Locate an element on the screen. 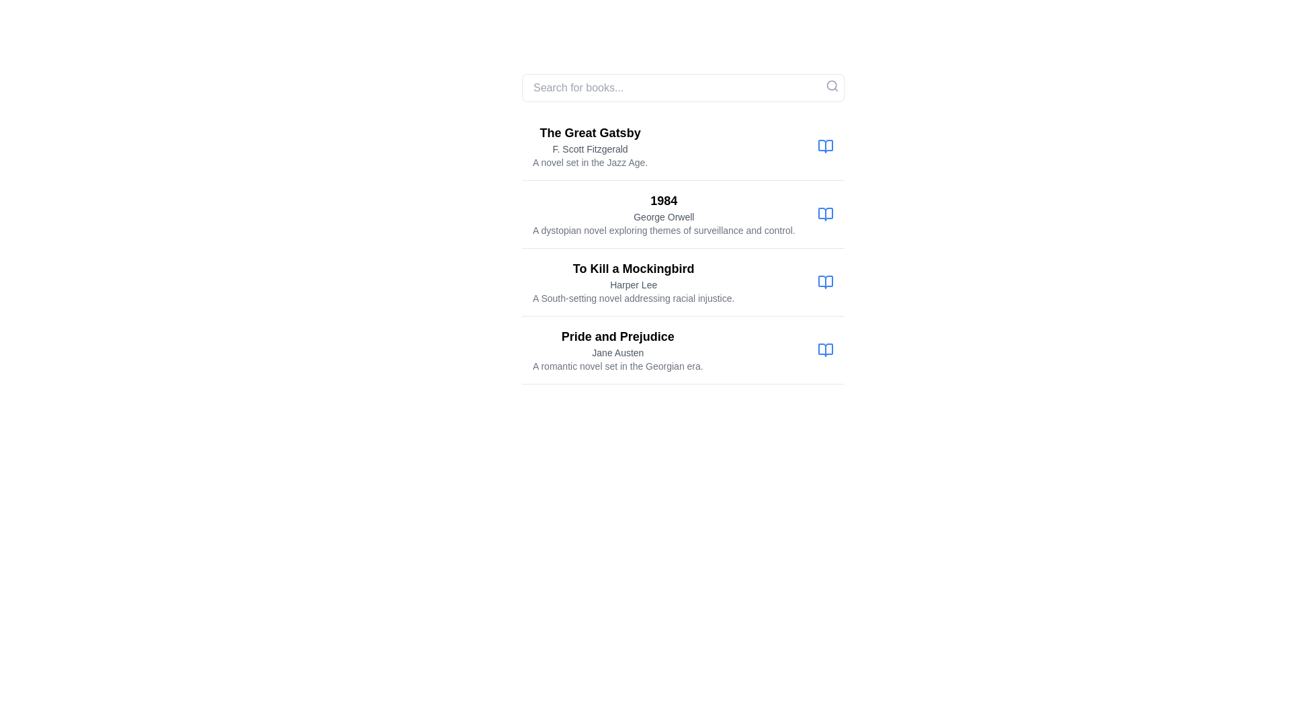  the textual information block displaying 'The Great Gatsby' by 'F. Scott Fitzgerald', which is the first item in a vertically stacked list of literary works is located at coordinates (683, 147).